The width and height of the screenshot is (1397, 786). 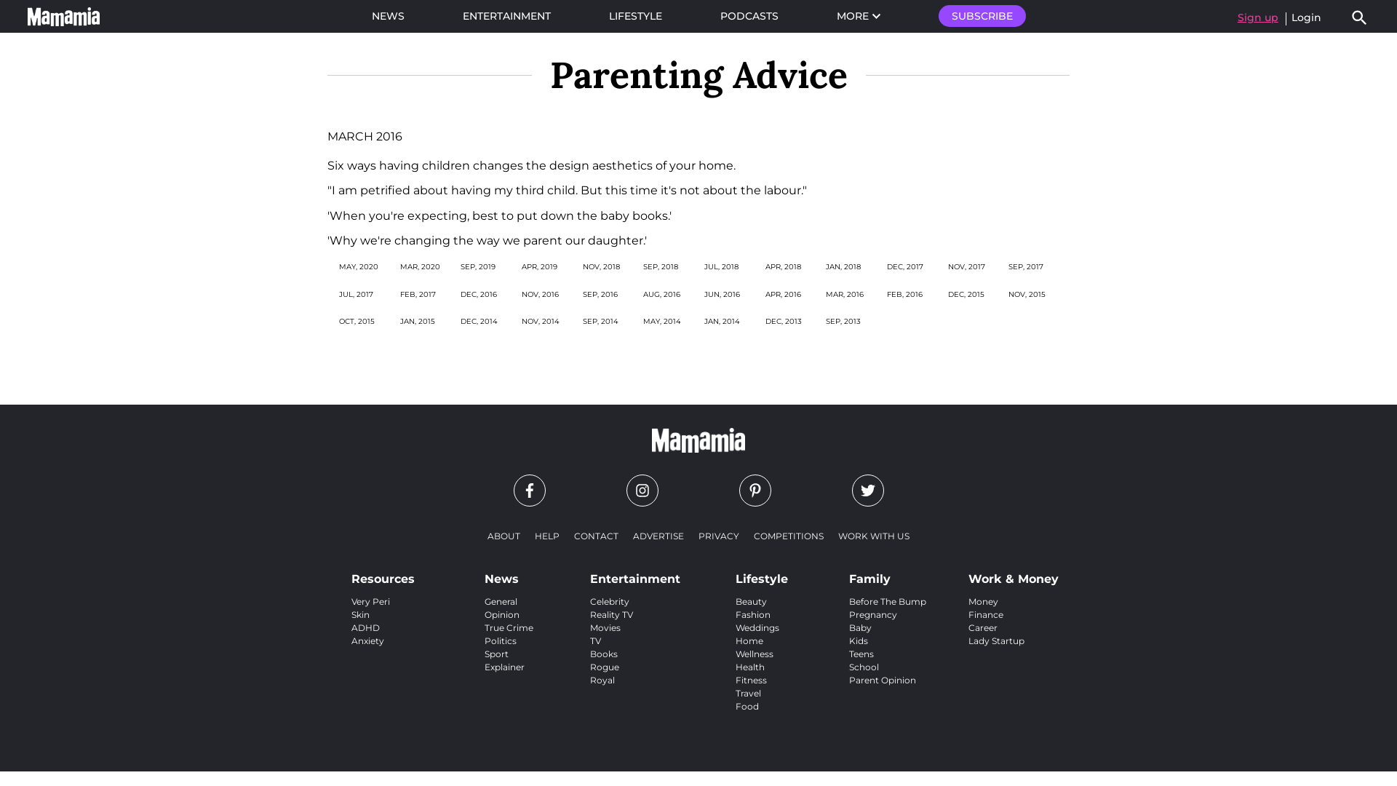 I want to click on 'Royal', so click(x=602, y=680).